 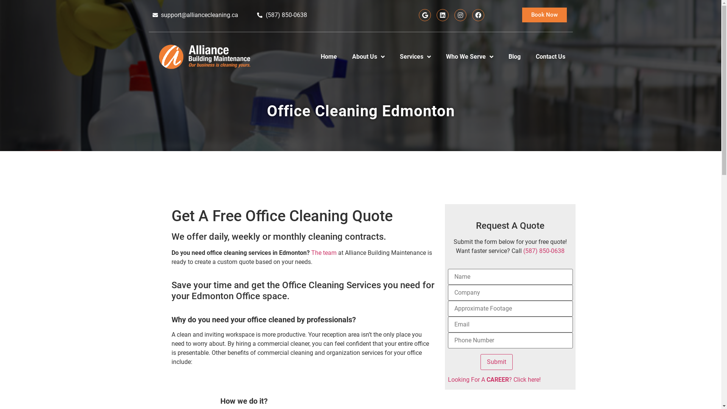 I want to click on 'Blog', so click(x=514, y=56).